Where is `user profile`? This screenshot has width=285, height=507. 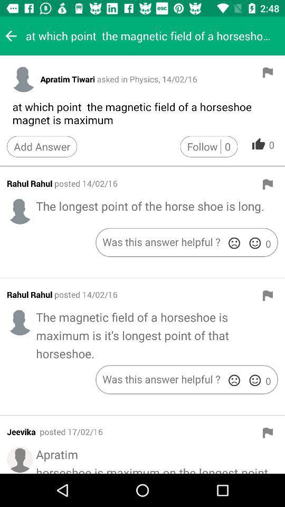
user profile is located at coordinates (20, 322).